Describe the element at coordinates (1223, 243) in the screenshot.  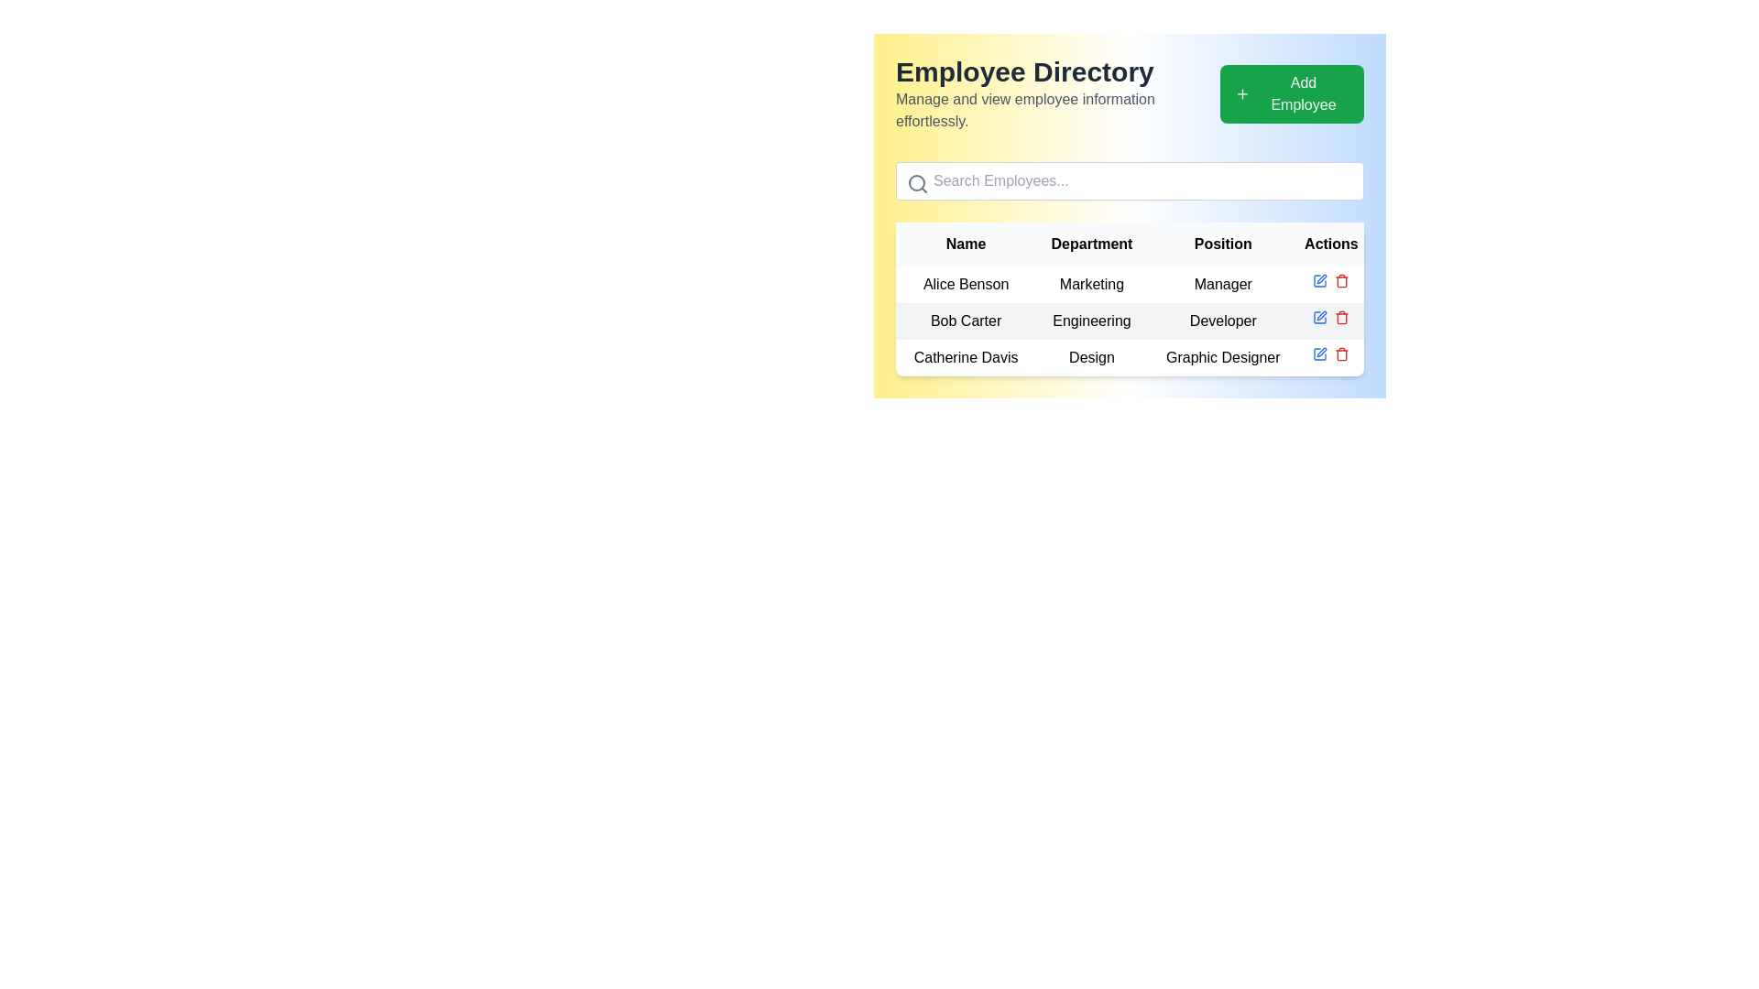
I see `the Text Label that serves as the third column header in the data table, indicating job positions of employees, located between 'Department' and 'Actions'` at that location.